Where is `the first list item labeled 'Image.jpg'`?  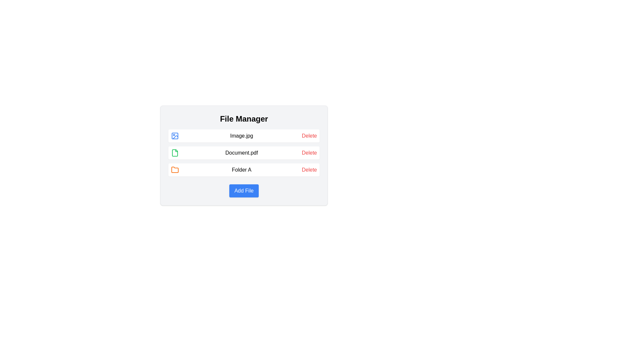
the first list item labeled 'Image.jpg' is located at coordinates (243, 136).